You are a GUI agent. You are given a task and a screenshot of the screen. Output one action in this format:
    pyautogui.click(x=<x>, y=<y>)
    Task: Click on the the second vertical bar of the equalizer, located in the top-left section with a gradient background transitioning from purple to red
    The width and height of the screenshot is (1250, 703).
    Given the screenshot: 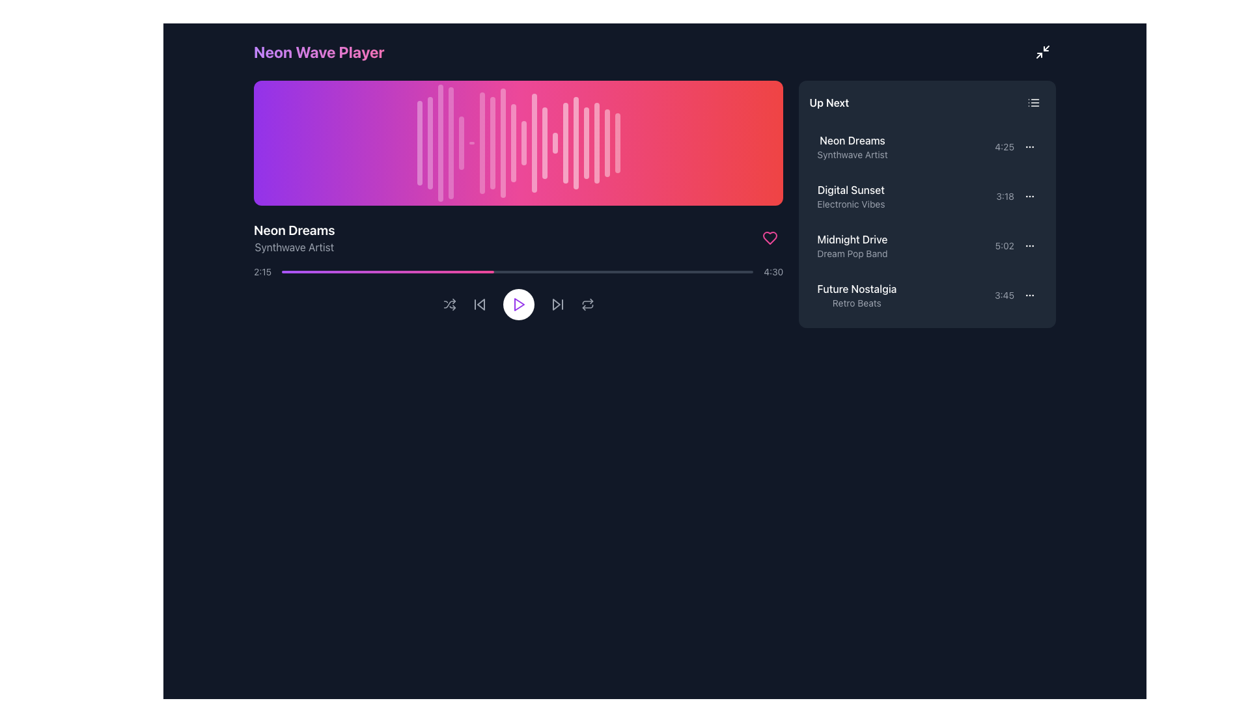 What is the action you would take?
    pyautogui.click(x=430, y=143)
    